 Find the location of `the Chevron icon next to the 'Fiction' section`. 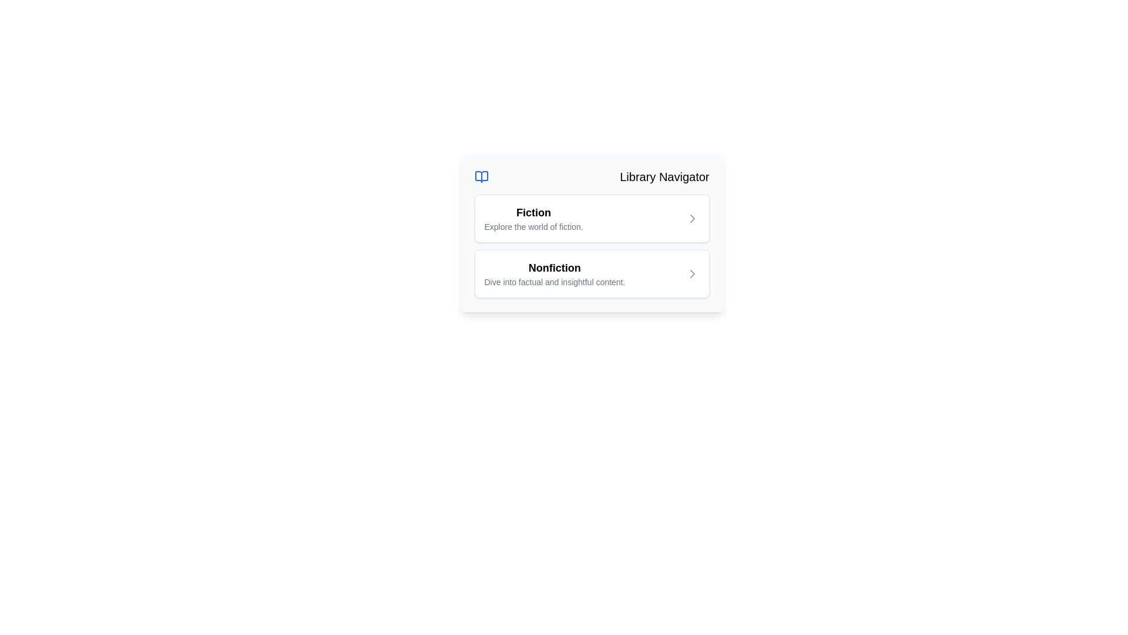

the Chevron icon next to the 'Fiction' section is located at coordinates (692, 218).